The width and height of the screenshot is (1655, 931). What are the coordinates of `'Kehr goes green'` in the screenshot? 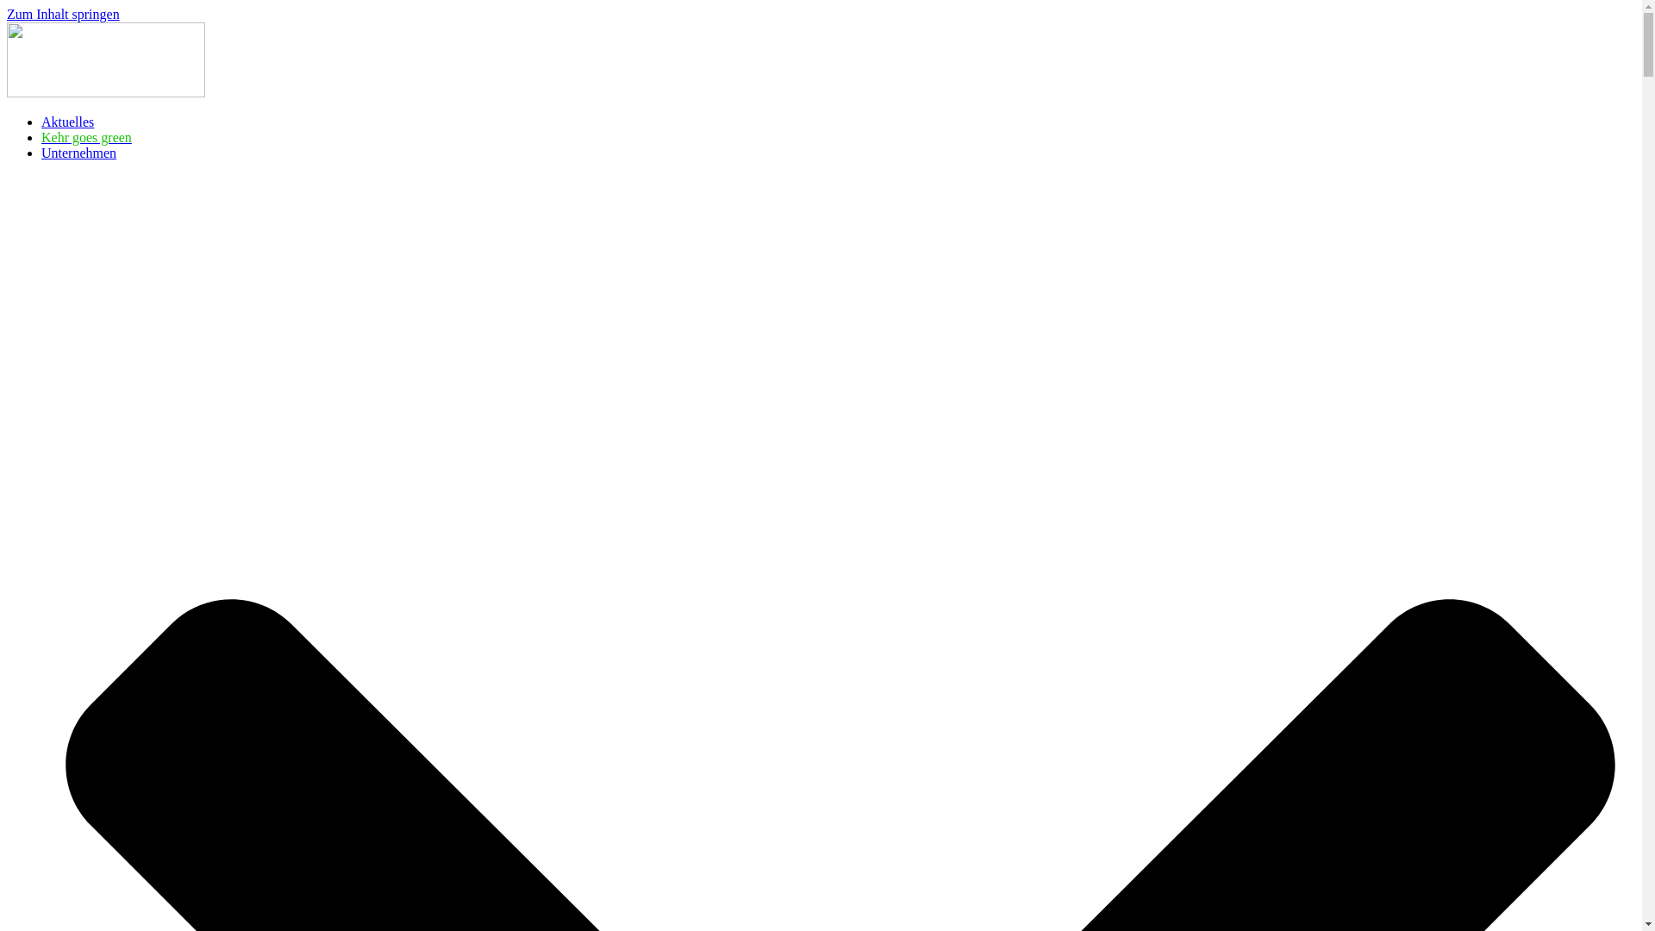 It's located at (85, 136).